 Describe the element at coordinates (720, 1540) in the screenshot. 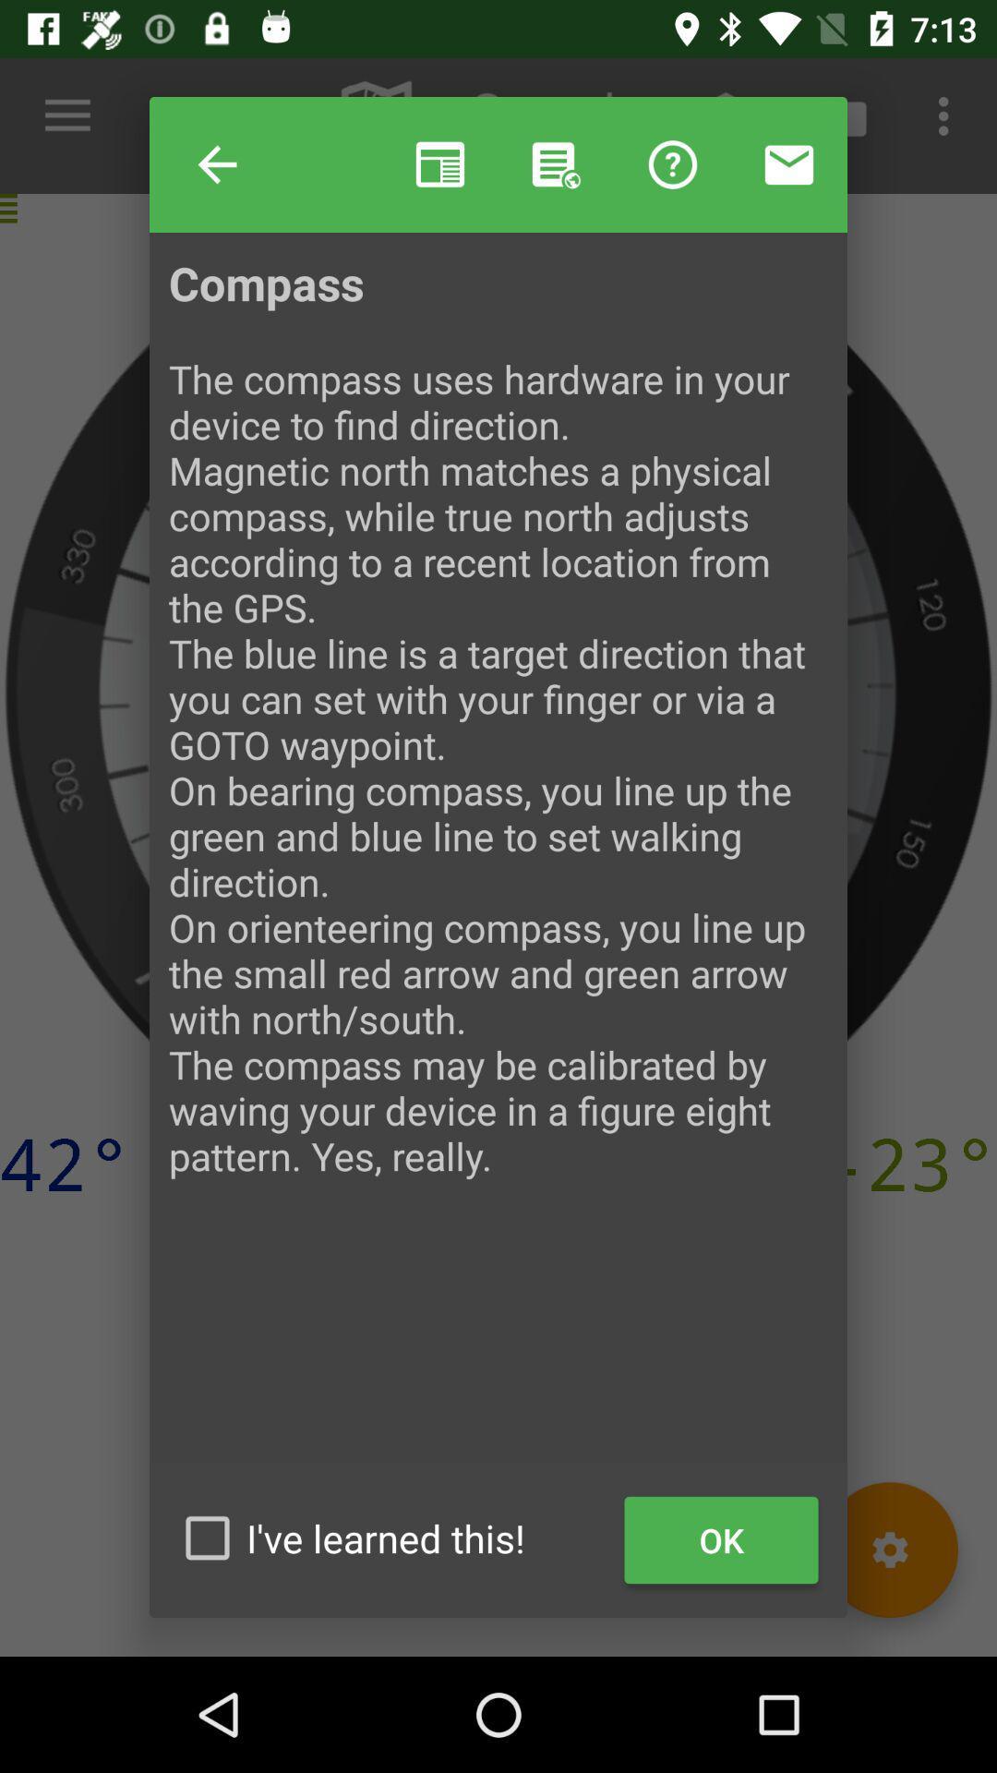

I see `the icon next to the i ve learned icon` at that location.